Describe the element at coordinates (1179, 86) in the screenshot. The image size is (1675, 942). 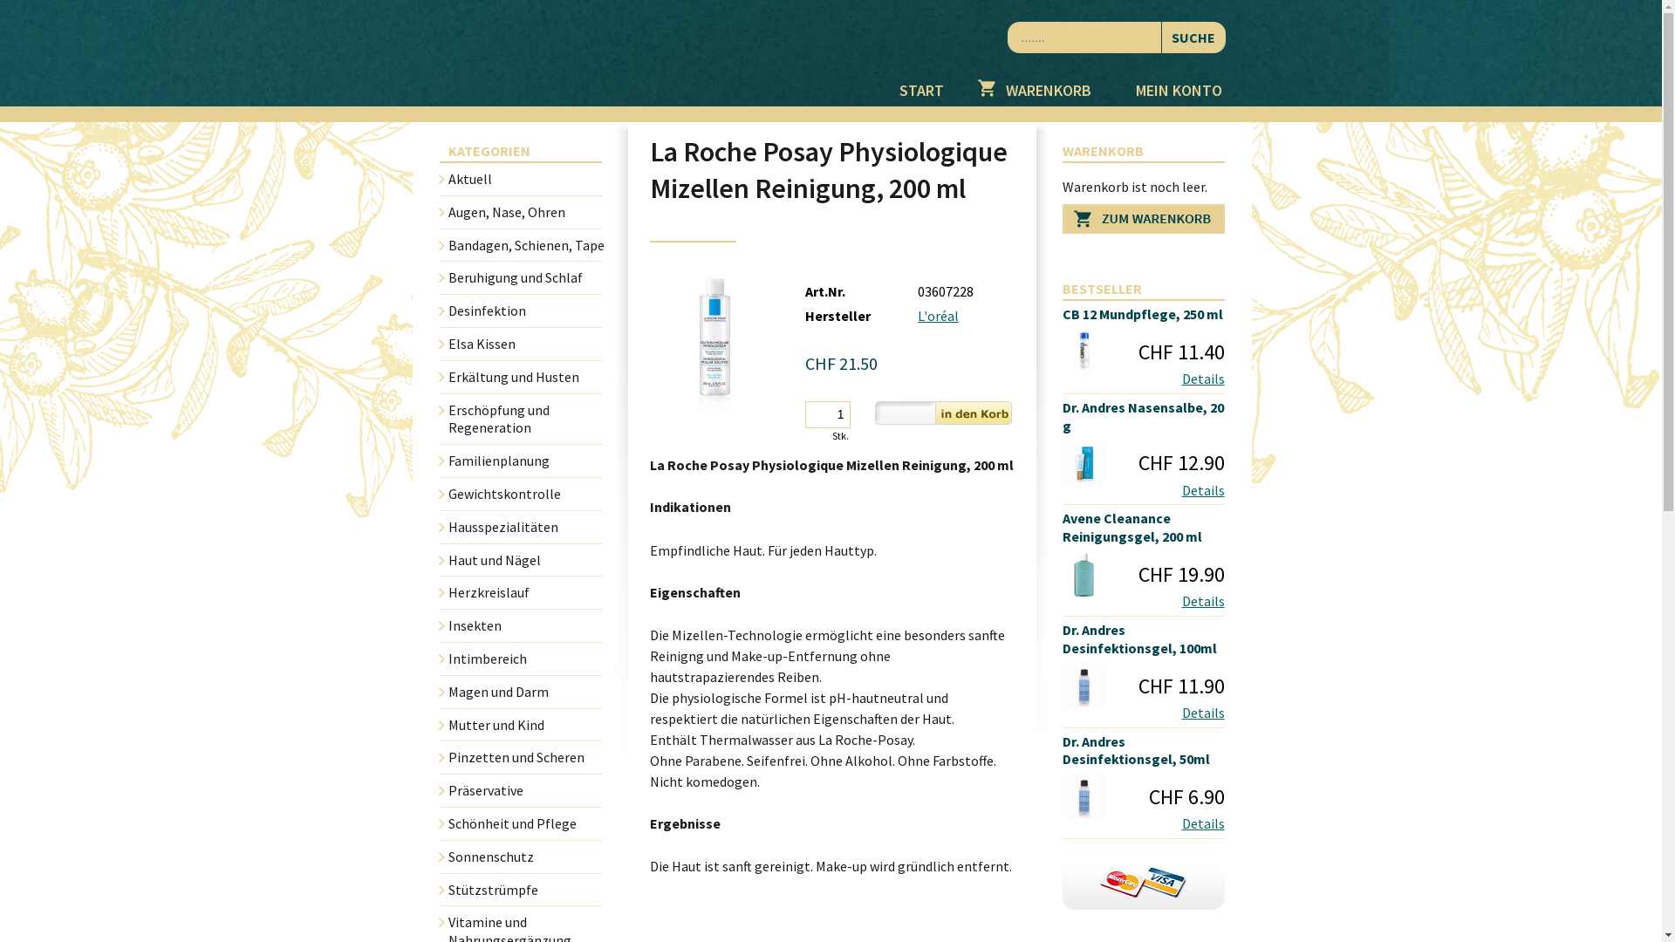
I see `'MEIN KONTO'` at that location.